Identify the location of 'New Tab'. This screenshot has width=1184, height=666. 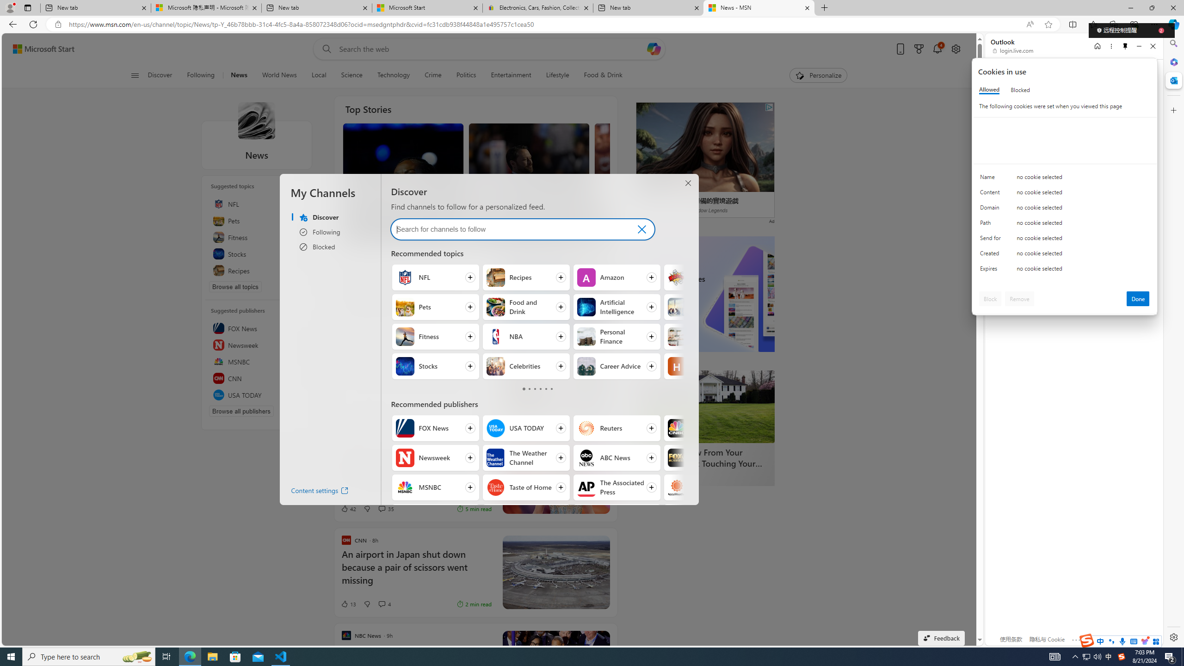
(824, 7).